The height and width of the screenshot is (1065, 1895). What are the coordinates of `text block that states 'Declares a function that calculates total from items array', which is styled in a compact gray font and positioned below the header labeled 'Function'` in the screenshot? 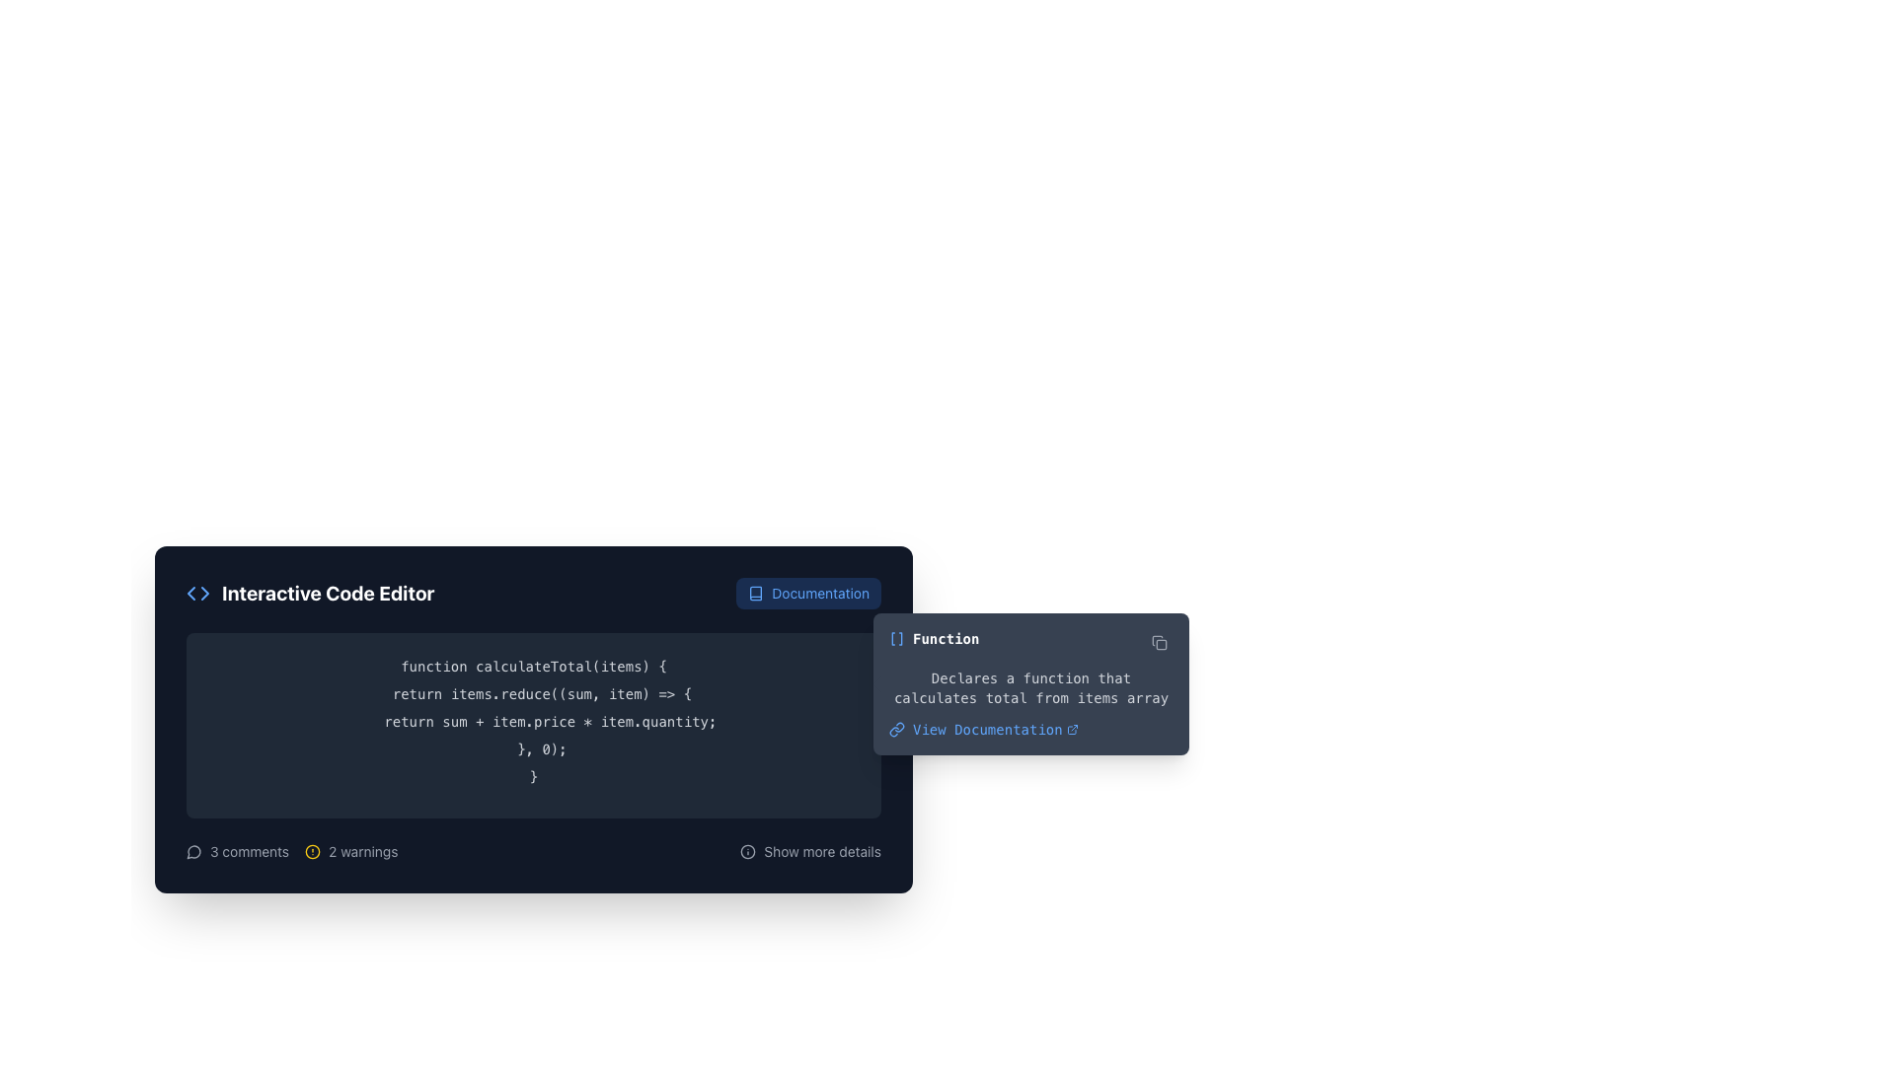 It's located at (1030, 687).